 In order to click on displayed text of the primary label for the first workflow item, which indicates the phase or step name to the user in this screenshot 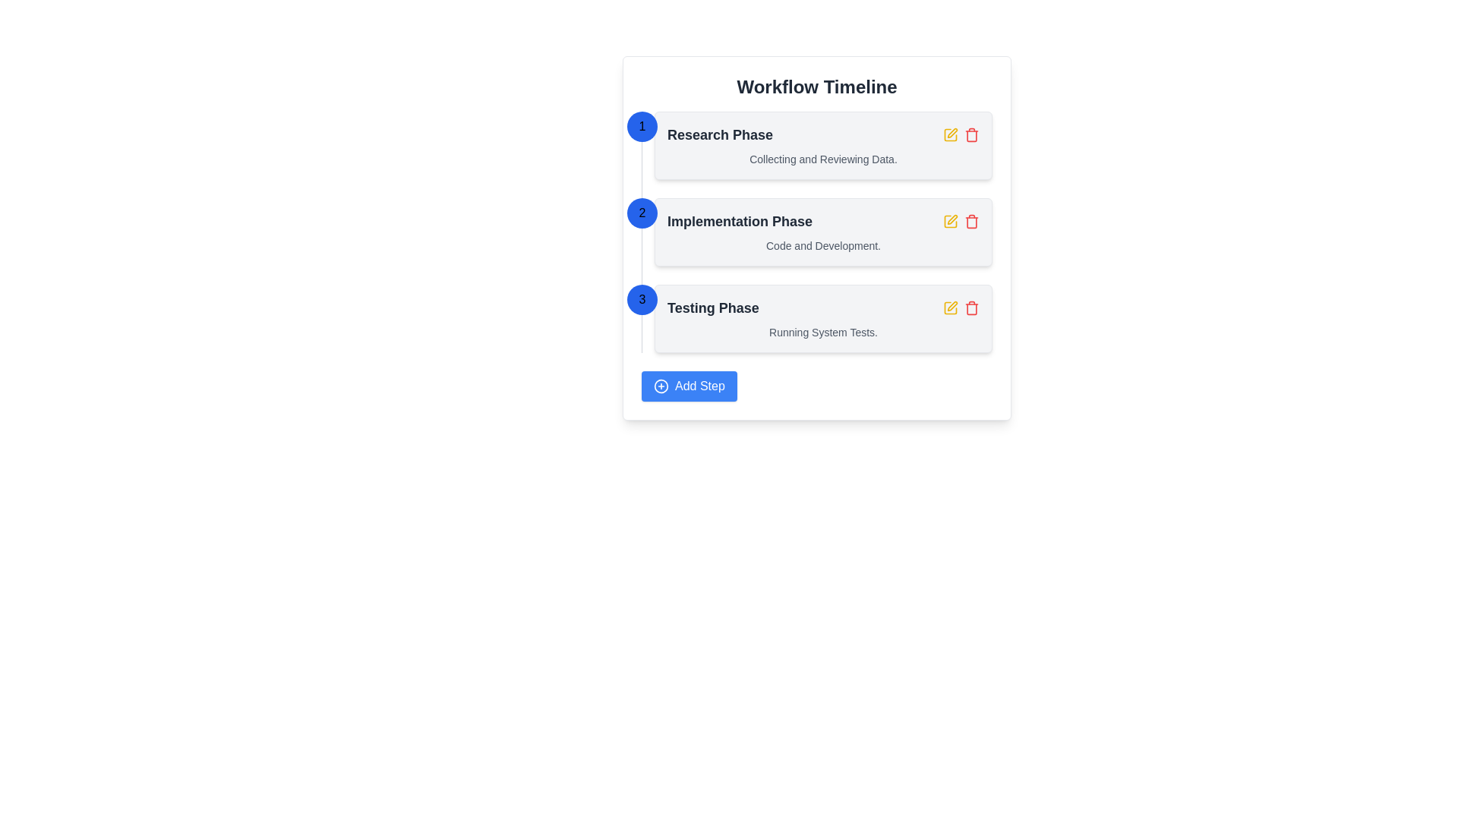, I will do `click(719, 134)`.